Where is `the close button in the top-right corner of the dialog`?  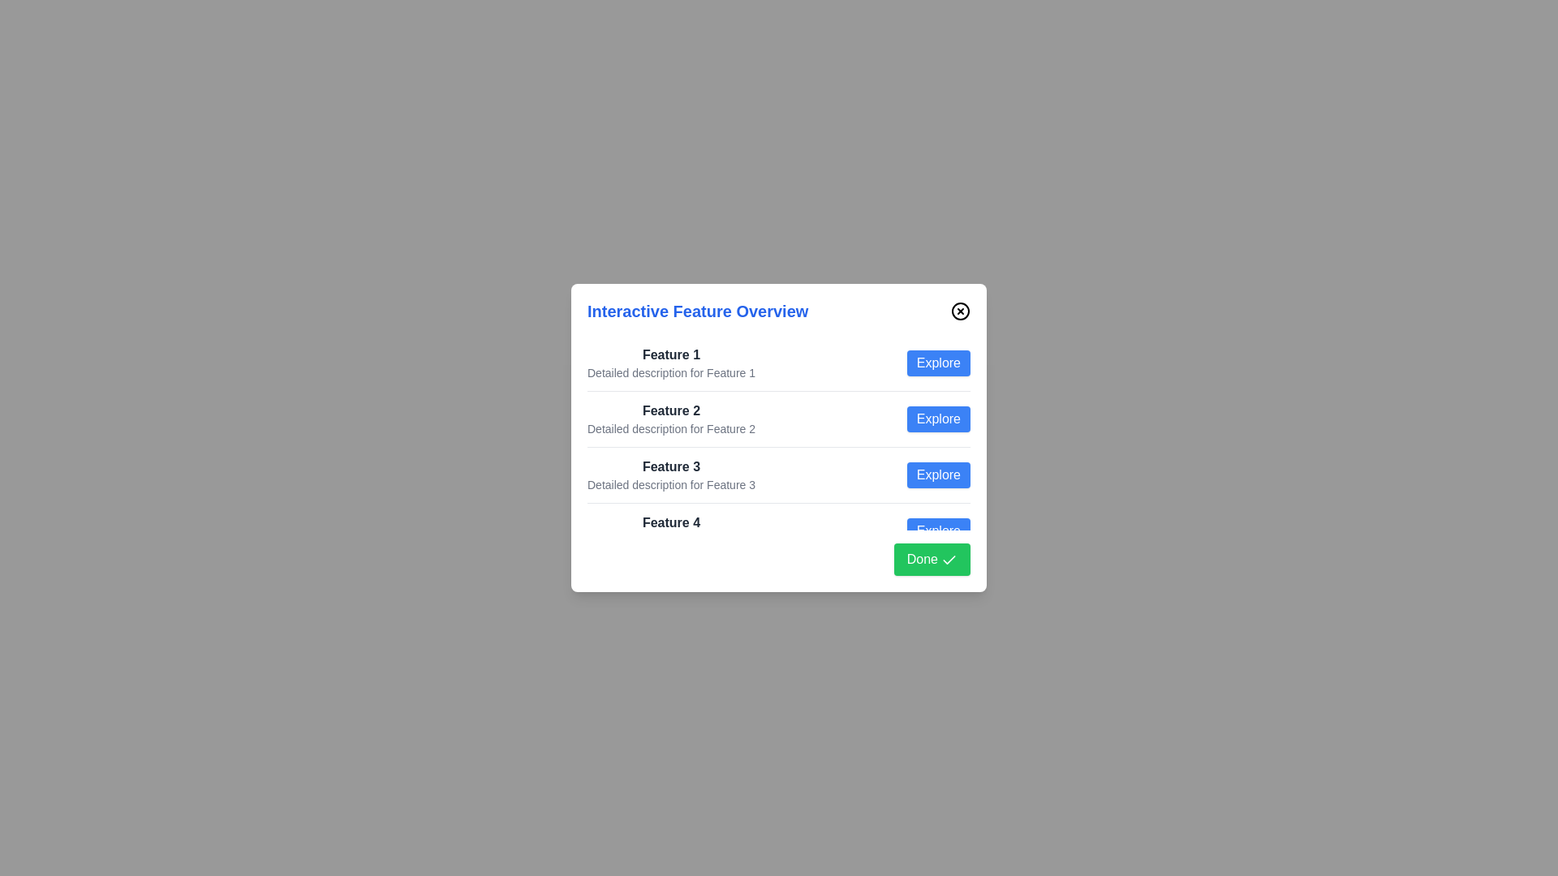 the close button in the top-right corner of the dialog is located at coordinates (961, 311).